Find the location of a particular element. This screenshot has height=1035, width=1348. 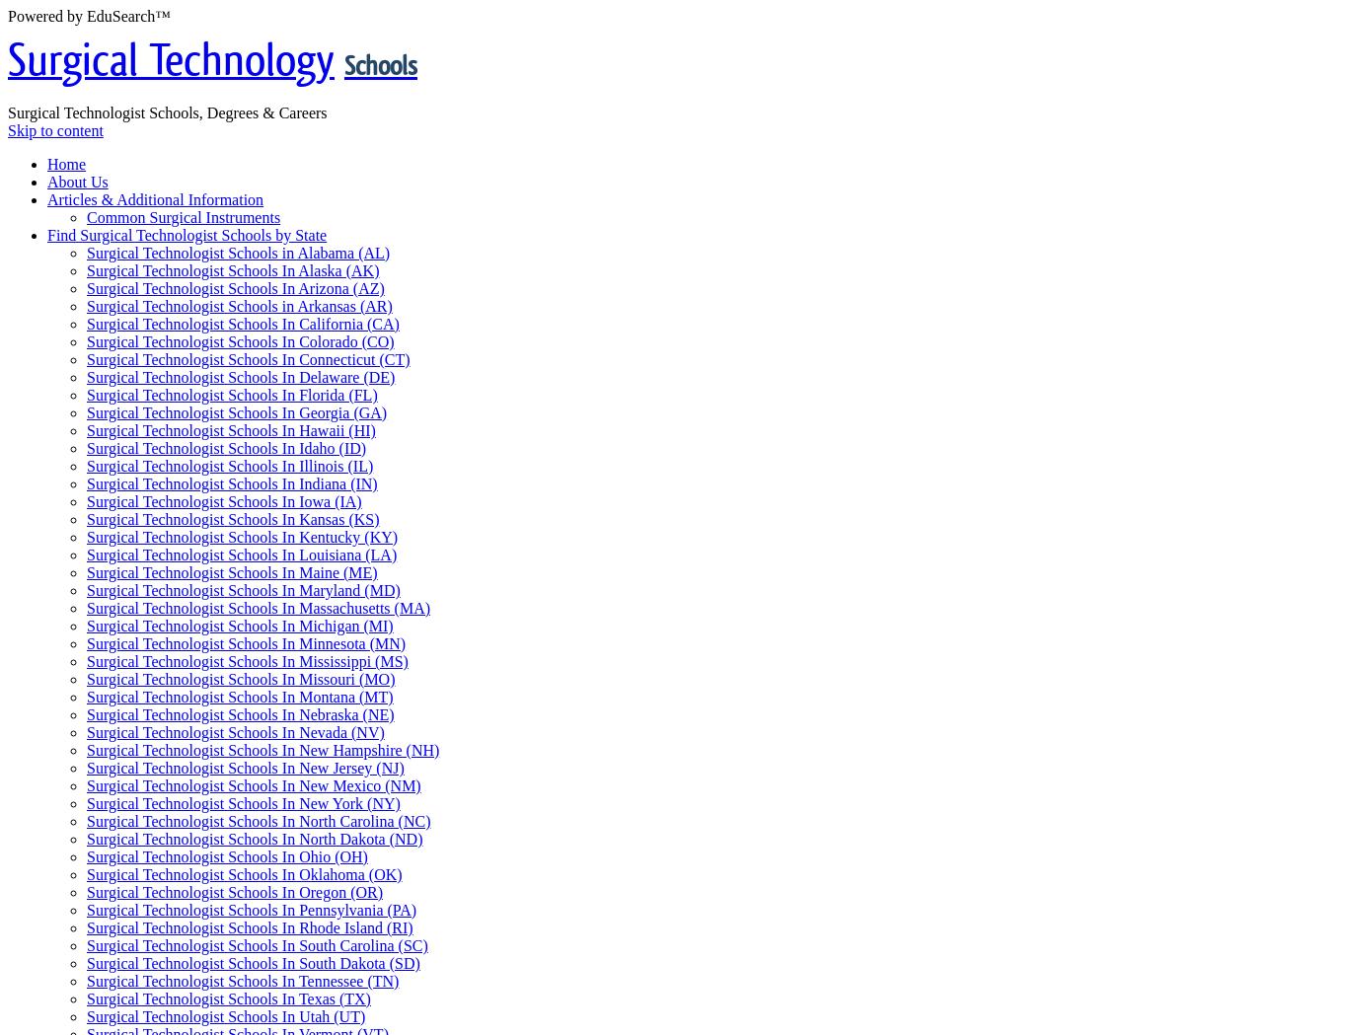

'Surgical Technologist Schools In North Dakota (ND)' is located at coordinates (255, 838).